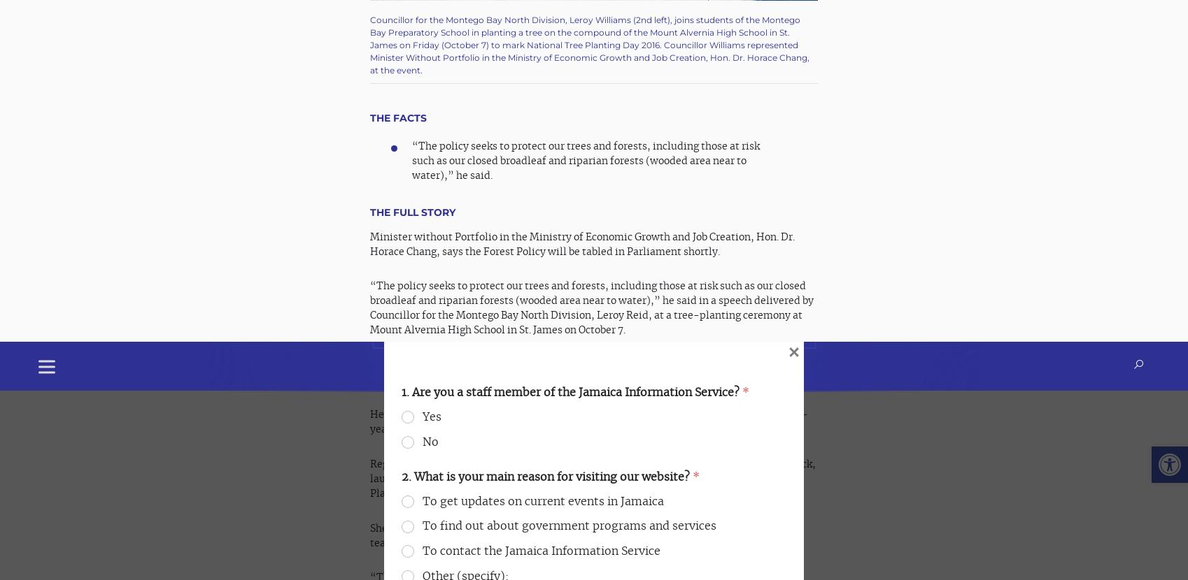 Image resolution: width=1188 pixels, height=580 pixels. What do you see at coordinates (452, 515) in the screenshot?
I see `'The Monarch'` at bounding box center [452, 515].